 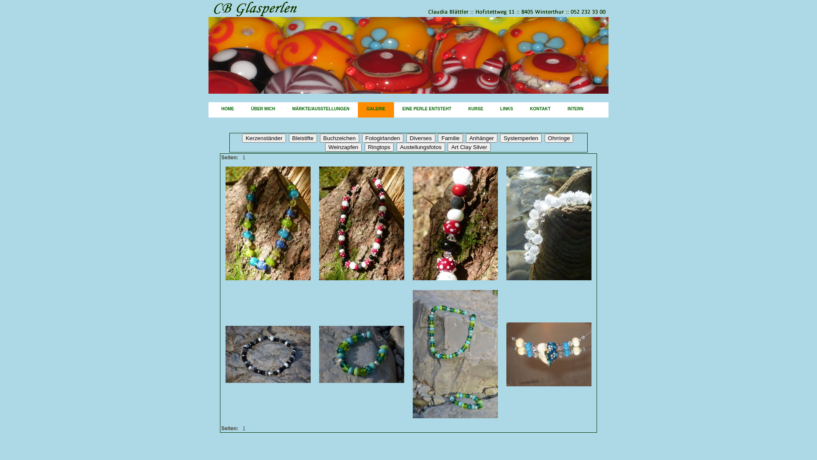 What do you see at coordinates (420, 147) in the screenshot?
I see `'Austellungsfotos'` at bounding box center [420, 147].